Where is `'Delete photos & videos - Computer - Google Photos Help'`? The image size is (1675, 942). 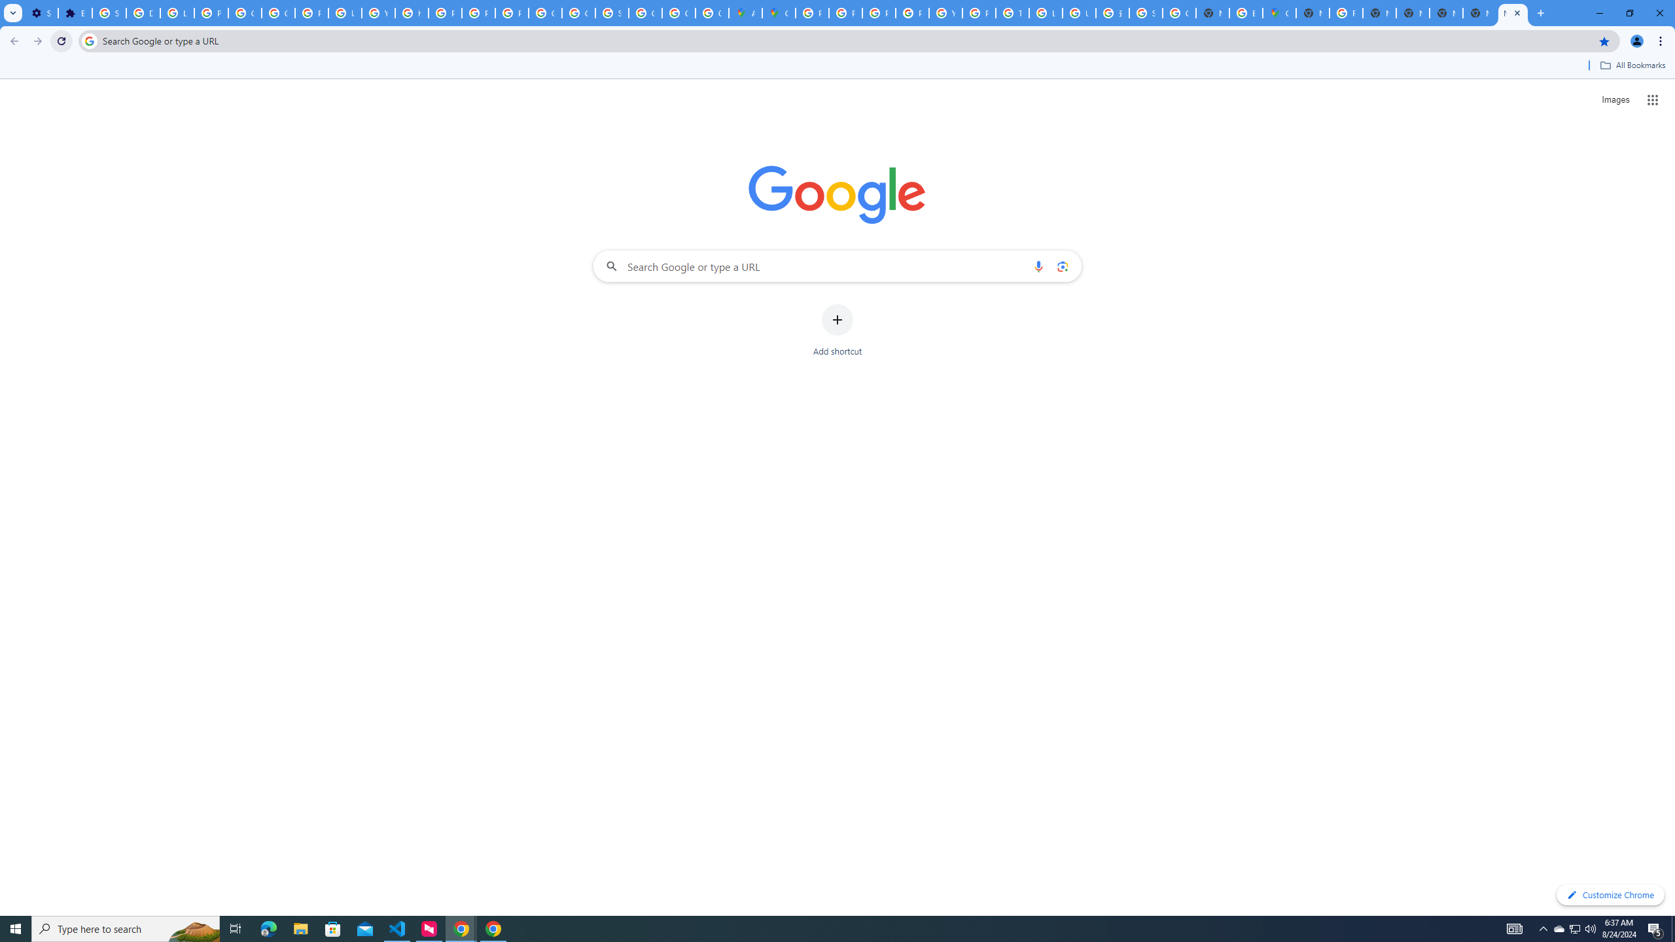 'Delete photos & videos - Computer - Google Photos Help' is located at coordinates (142, 12).